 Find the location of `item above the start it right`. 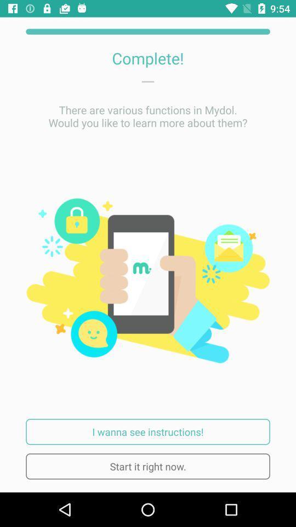

item above the start it right is located at coordinates (148, 431).